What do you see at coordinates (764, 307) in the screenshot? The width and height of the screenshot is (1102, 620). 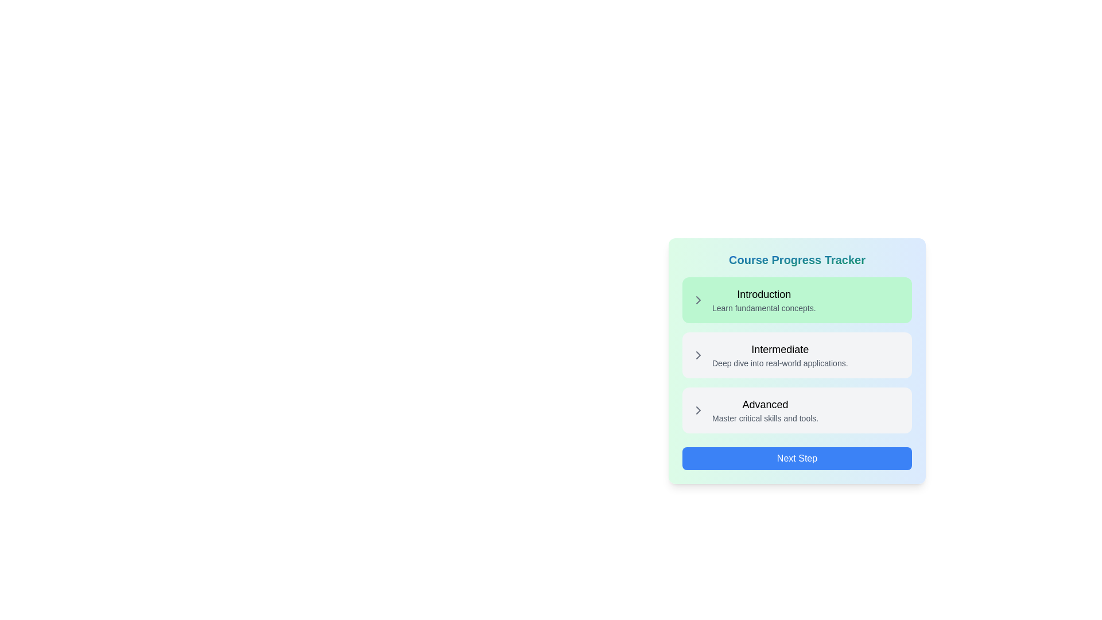 I see `the non-interactive Text Label that provides descriptive information for the 'Introduction' section, located centrally beneath the heading 'Introduction' within the green-highlighted box` at bounding box center [764, 307].